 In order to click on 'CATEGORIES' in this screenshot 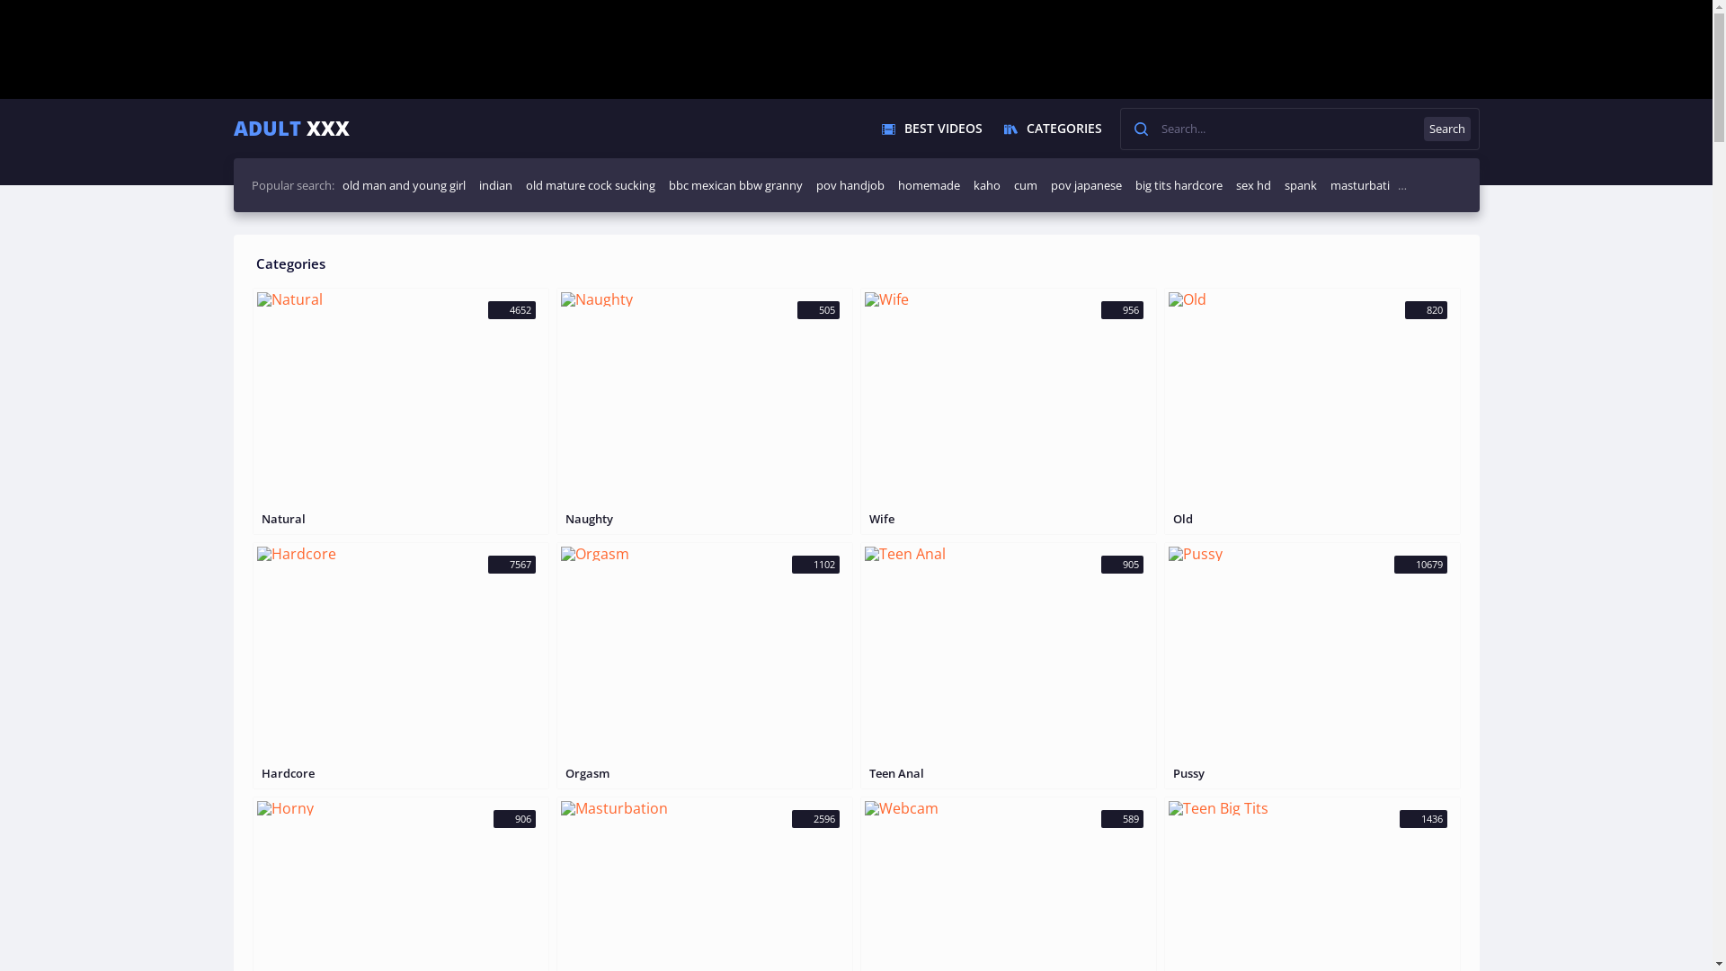, I will do `click(1052, 127)`.